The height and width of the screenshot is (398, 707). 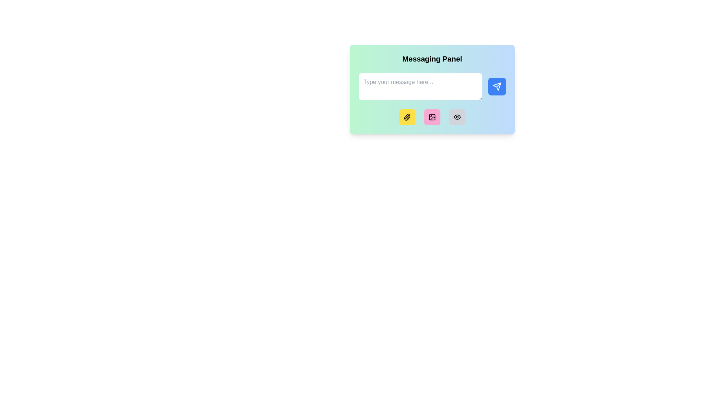 I want to click on the submission button located to the right of the text input field labeled 'Type your message here...' to send a message, so click(x=497, y=86).